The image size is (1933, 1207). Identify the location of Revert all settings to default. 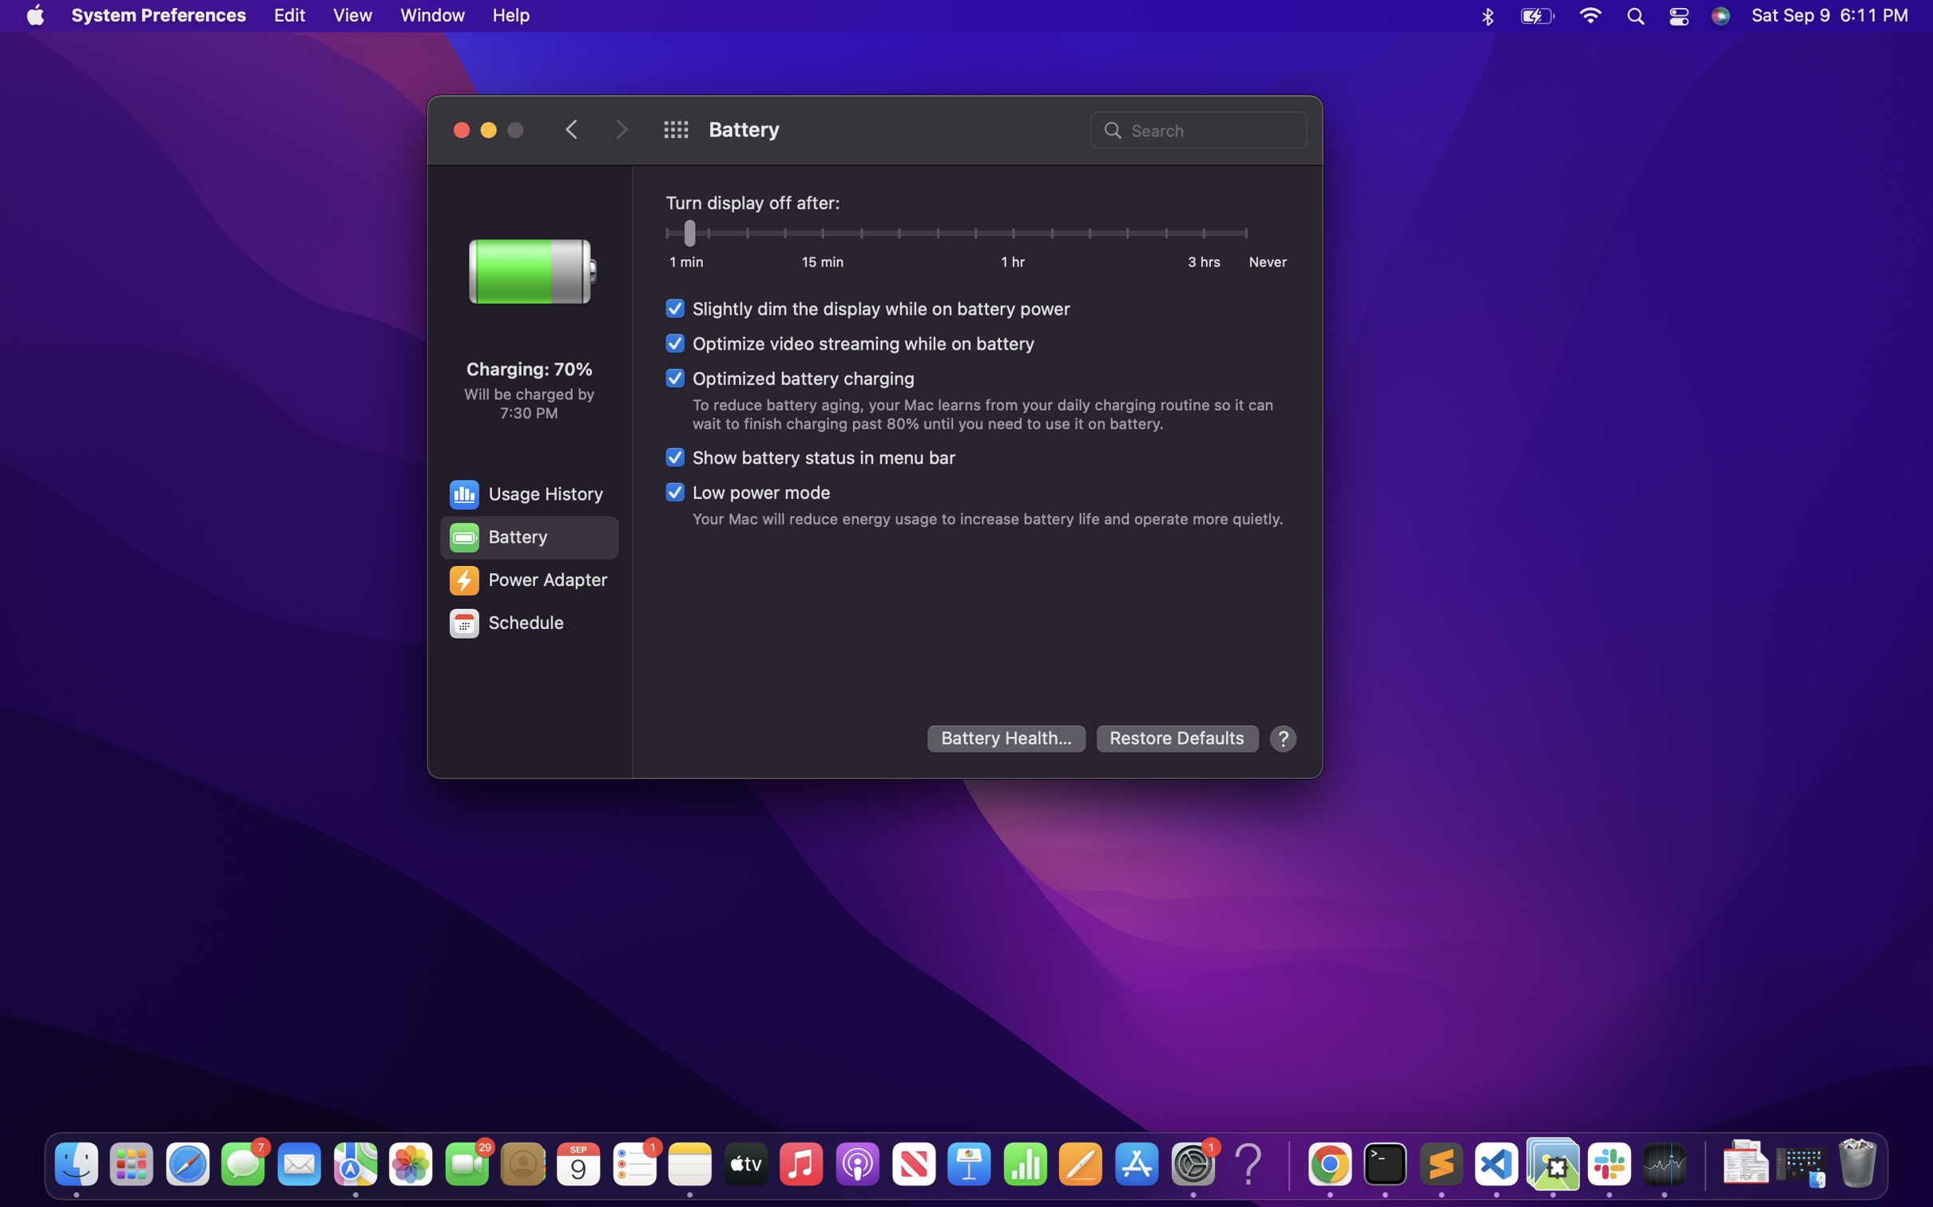
(1178, 738).